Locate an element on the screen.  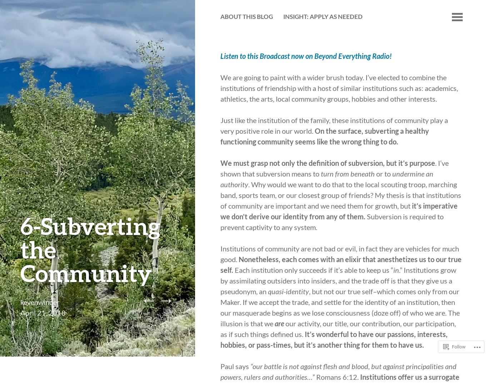
'. I’ve shown that subversion means to' is located at coordinates (220, 168).